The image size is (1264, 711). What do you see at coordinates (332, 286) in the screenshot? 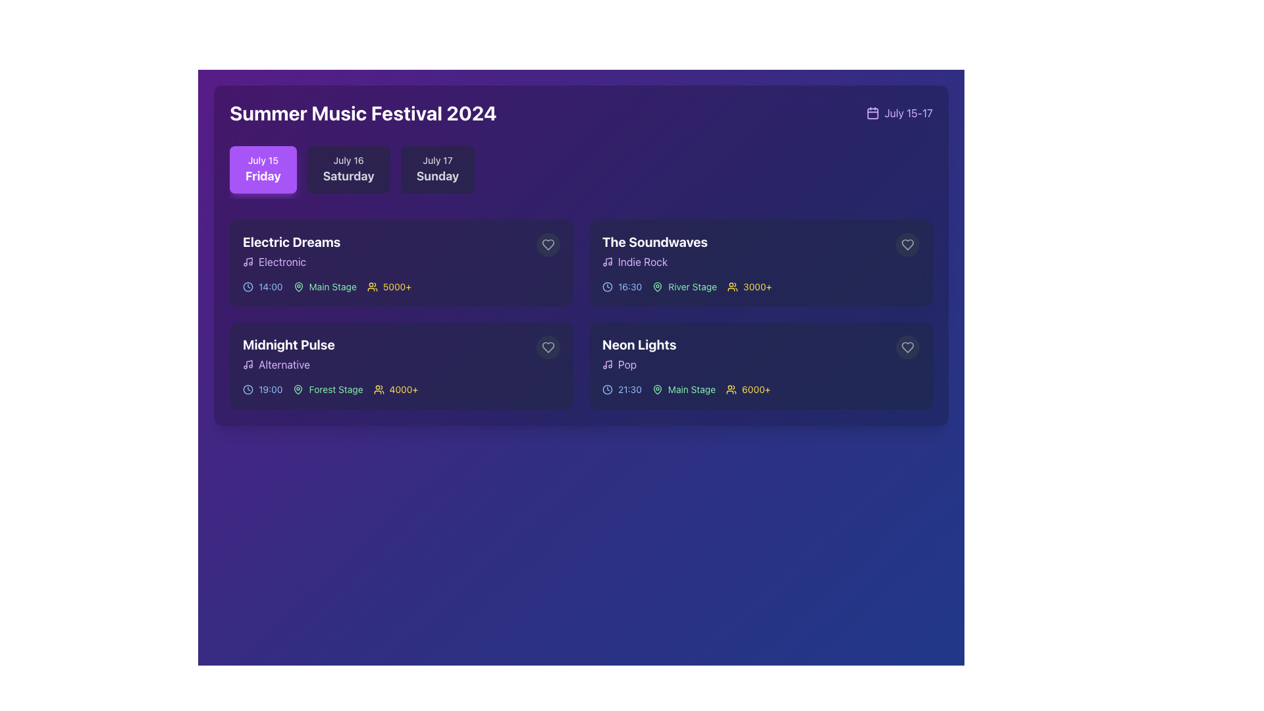
I see `the 'Main Stage' label, which is styled in a light green font against a dark background and is associated with a map pin icon, located in the top left of the 'Electric Dreams' event card` at bounding box center [332, 286].